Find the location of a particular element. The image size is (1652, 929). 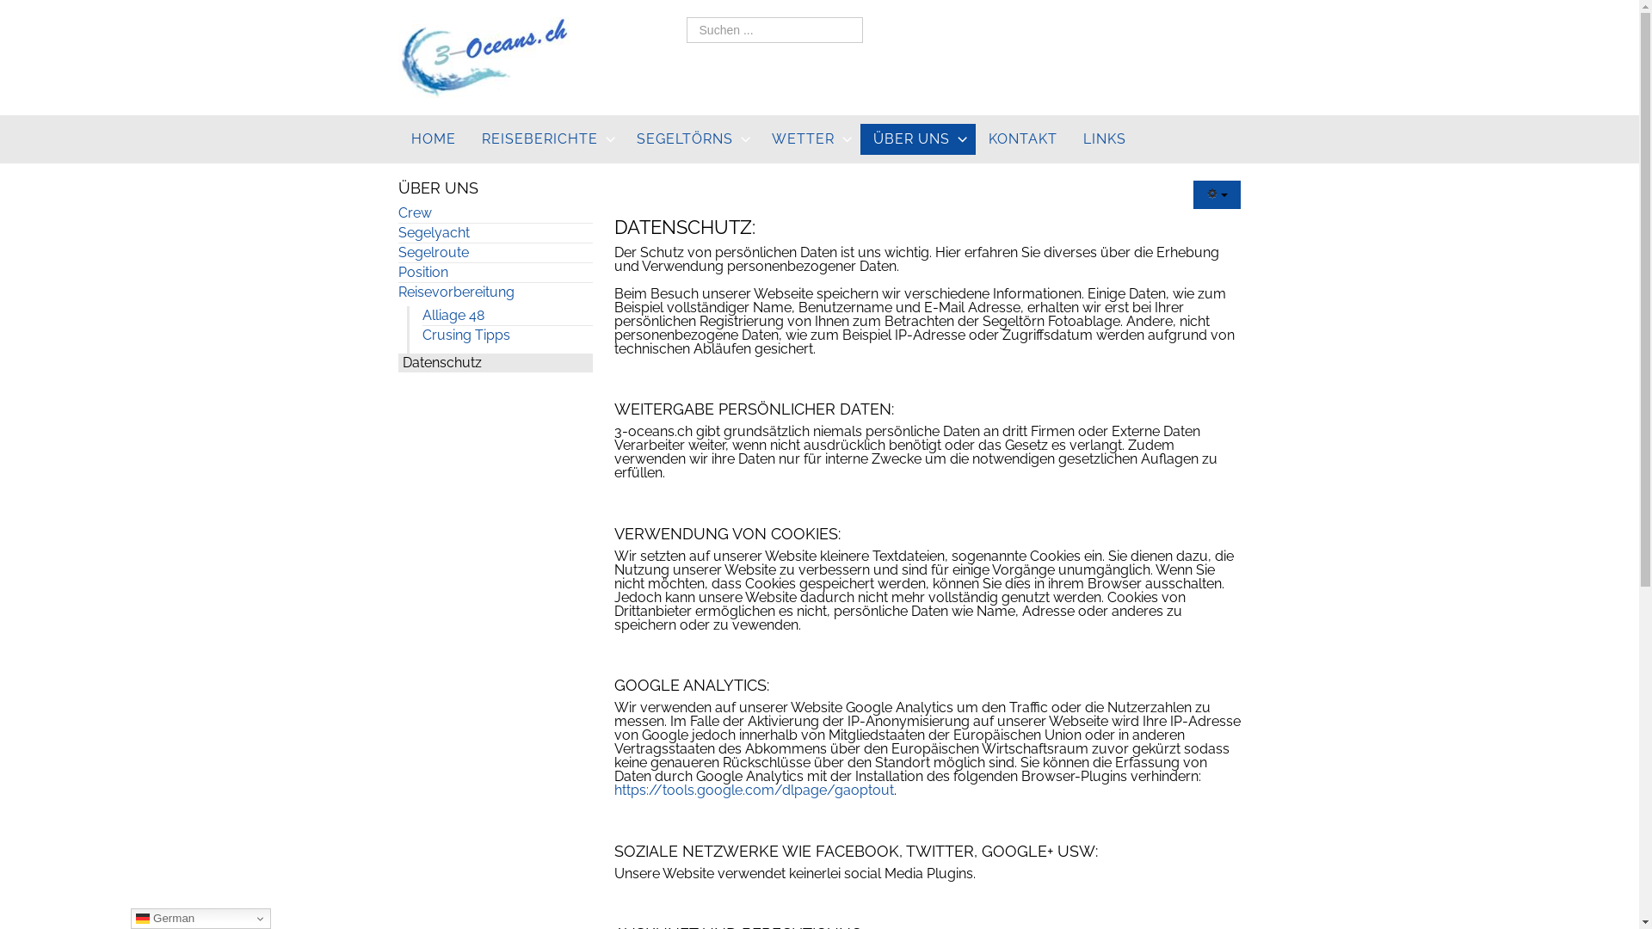

'Datenschutz' is located at coordinates (494, 361).